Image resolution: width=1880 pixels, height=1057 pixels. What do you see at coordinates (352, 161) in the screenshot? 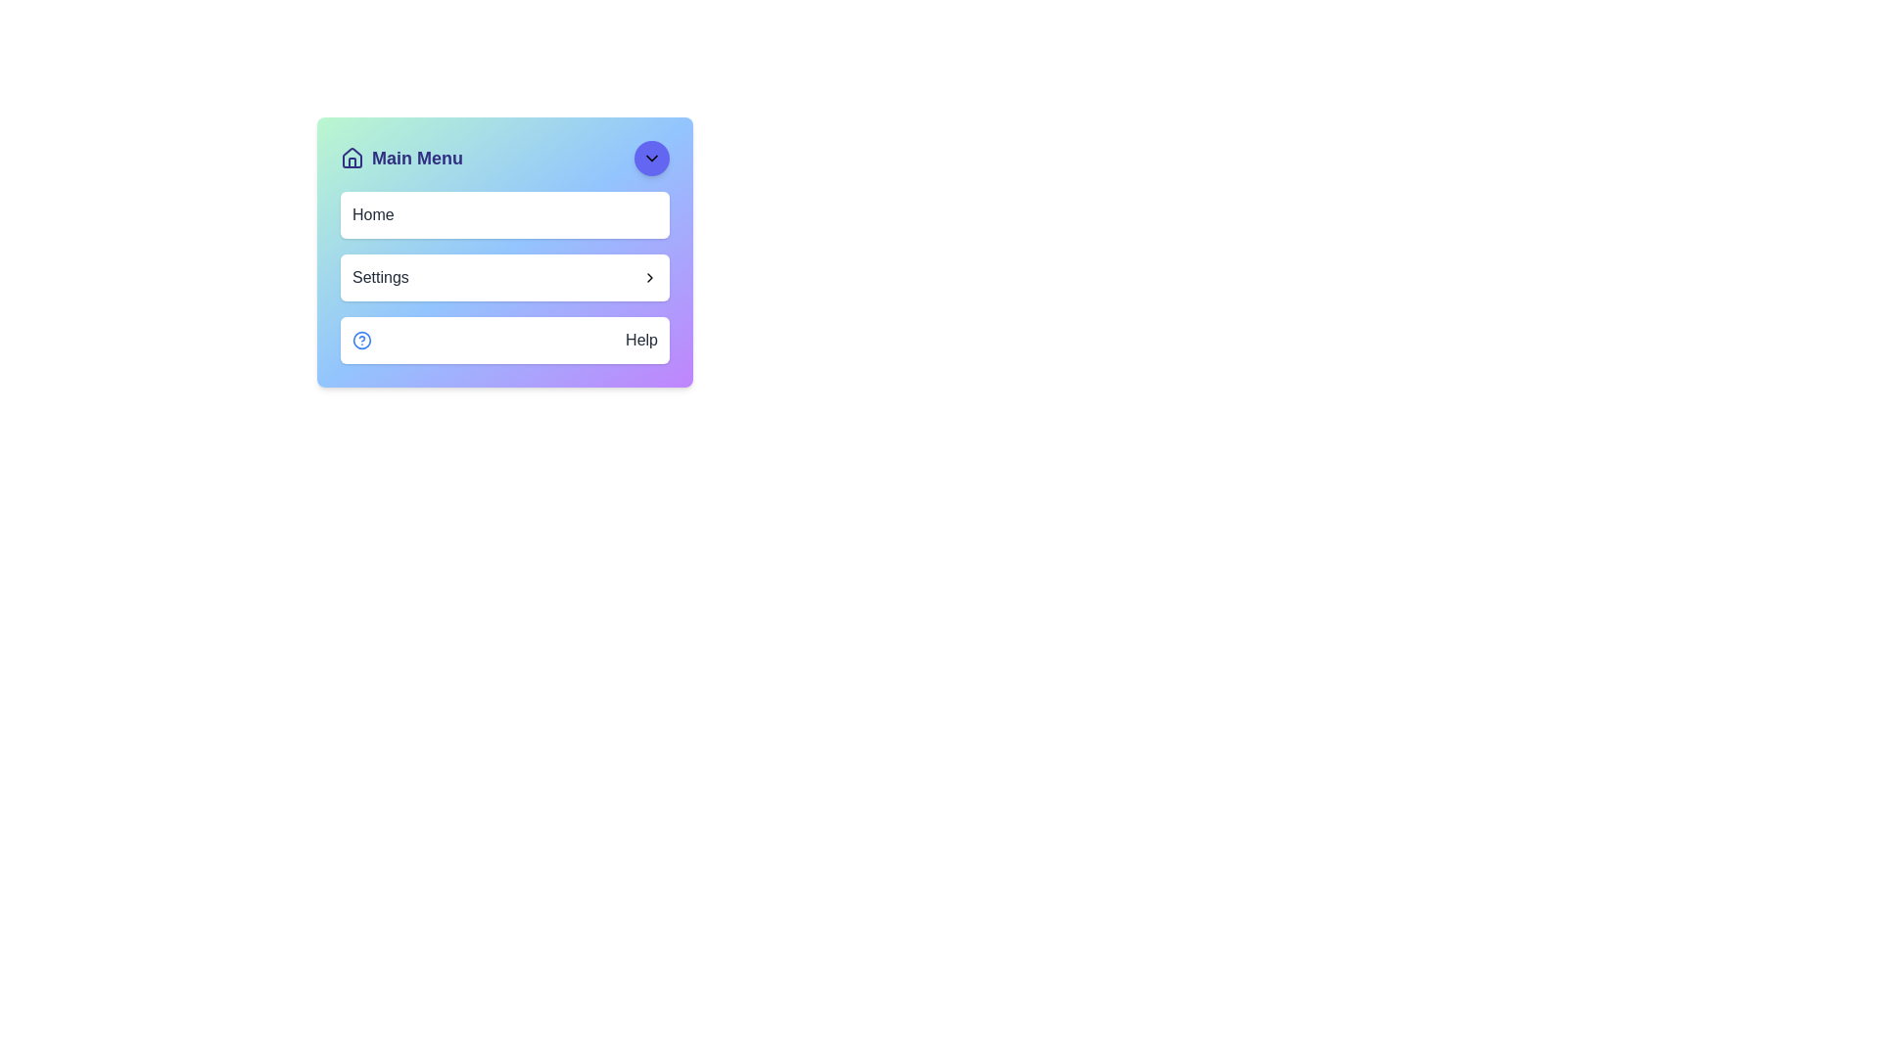
I see `the door element of the house icon in the SVG, which is represented by a vertical line with a square base, located in the general navigation header area` at bounding box center [352, 161].